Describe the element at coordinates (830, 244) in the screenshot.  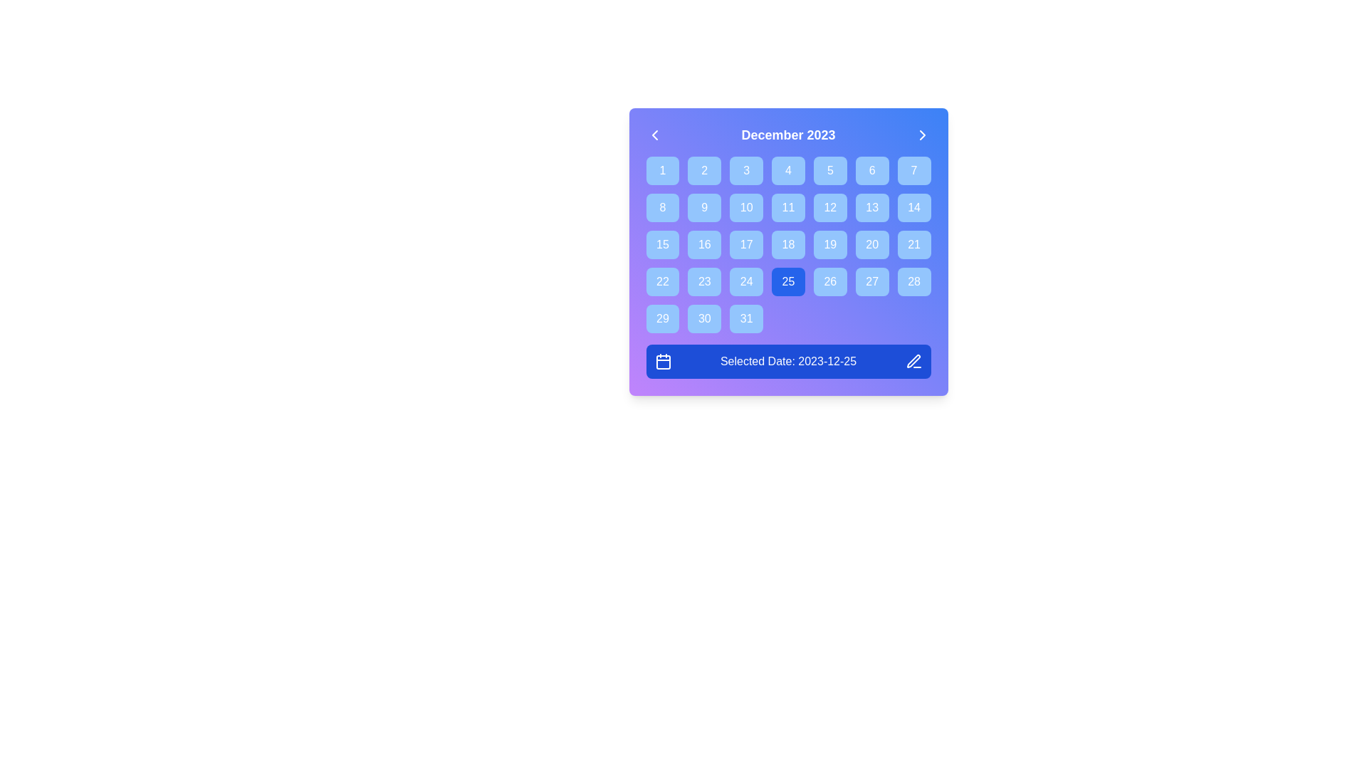
I see `the square button with a light blue background and white text displaying '19'` at that location.